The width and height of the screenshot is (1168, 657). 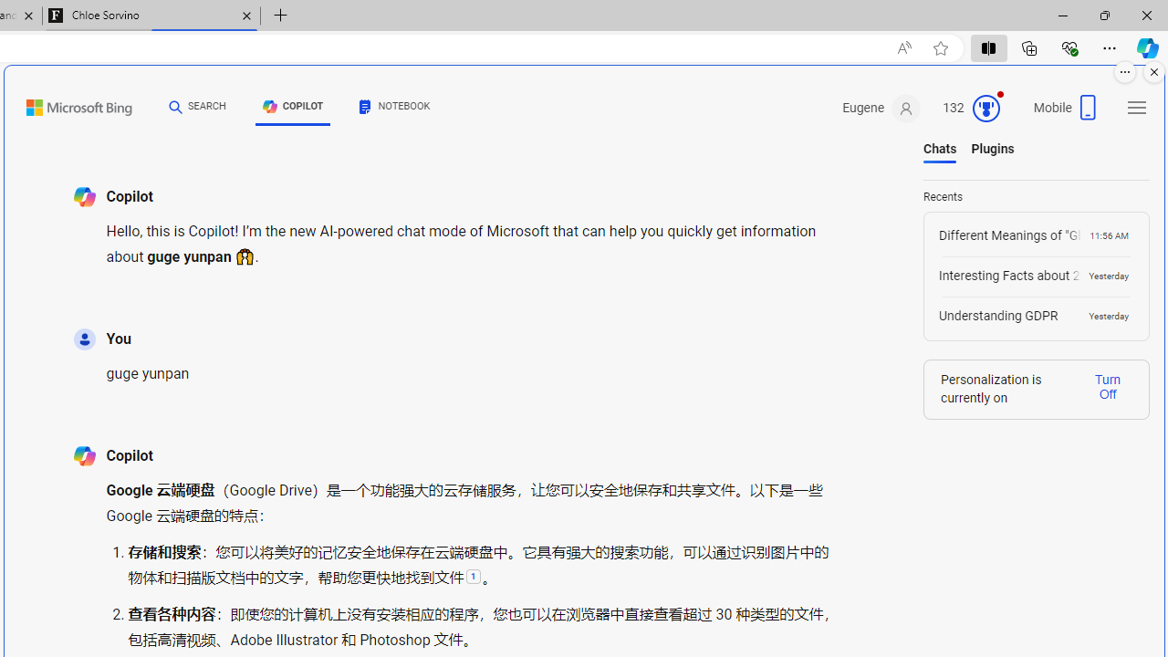 What do you see at coordinates (941, 148) in the screenshot?
I see `'Chats'` at bounding box center [941, 148].